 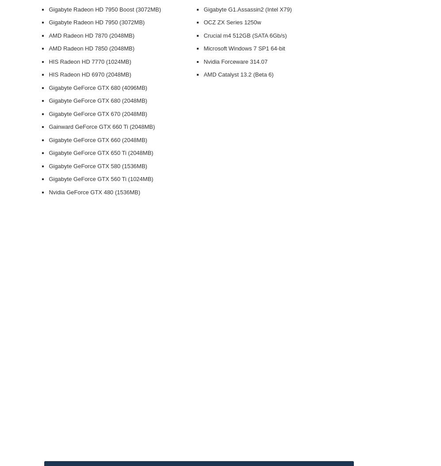 I want to click on 'Crucial m4 512GB (SATA 6Gb/s)', so click(x=203, y=35).